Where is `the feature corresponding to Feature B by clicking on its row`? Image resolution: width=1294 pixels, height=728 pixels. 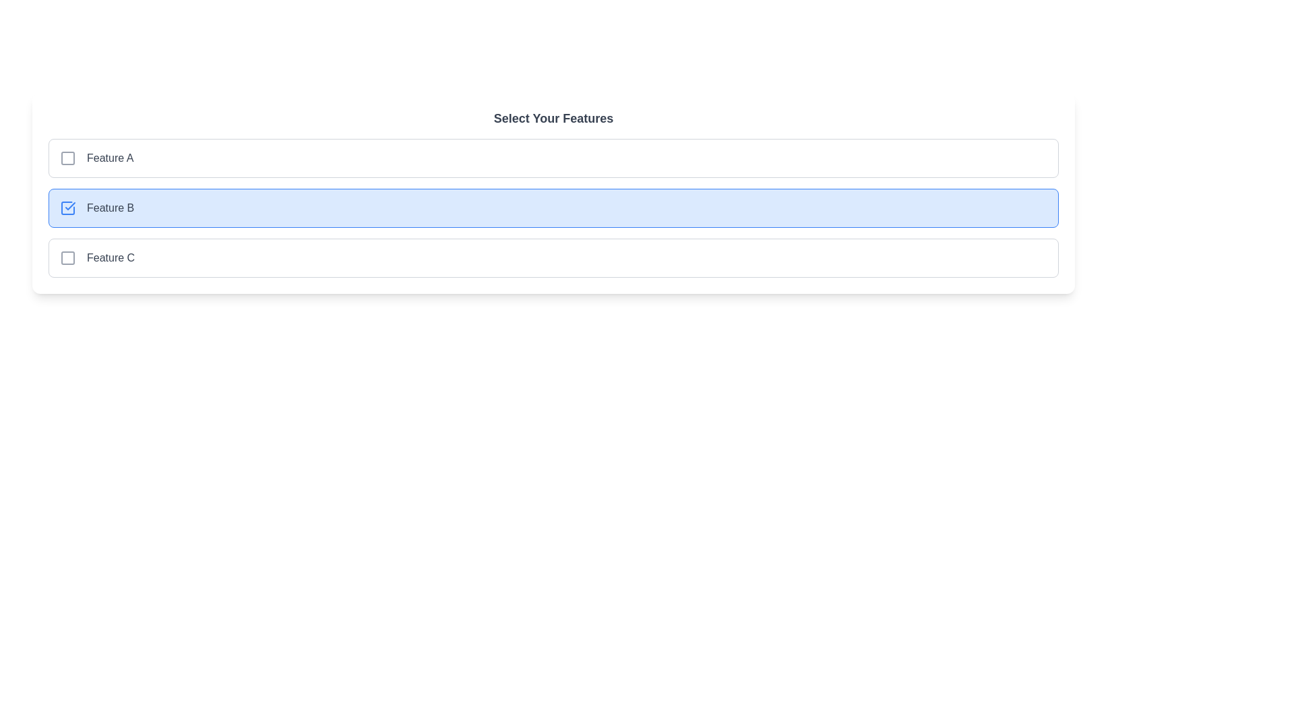 the feature corresponding to Feature B by clicking on its row is located at coordinates (553, 208).